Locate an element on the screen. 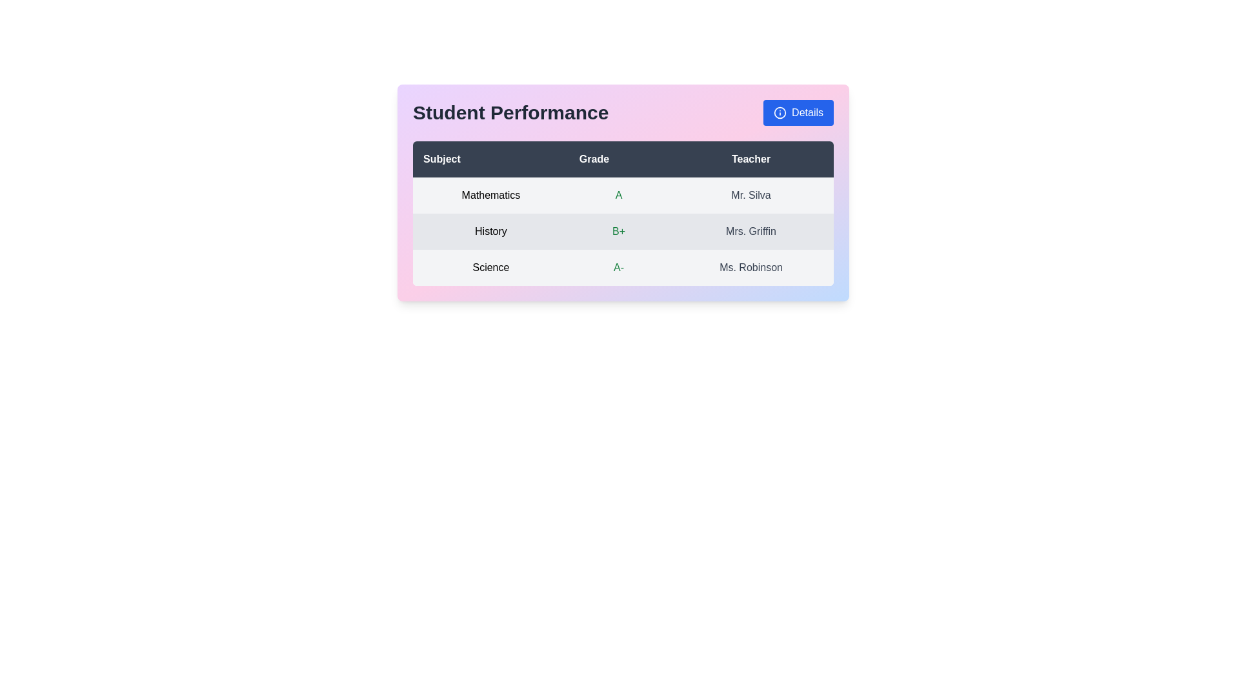 Image resolution: width=1239 pixels, height=697 pixels. the table row corresponding to the subject 'History' in the grade report is located at coordinates (623, 230).